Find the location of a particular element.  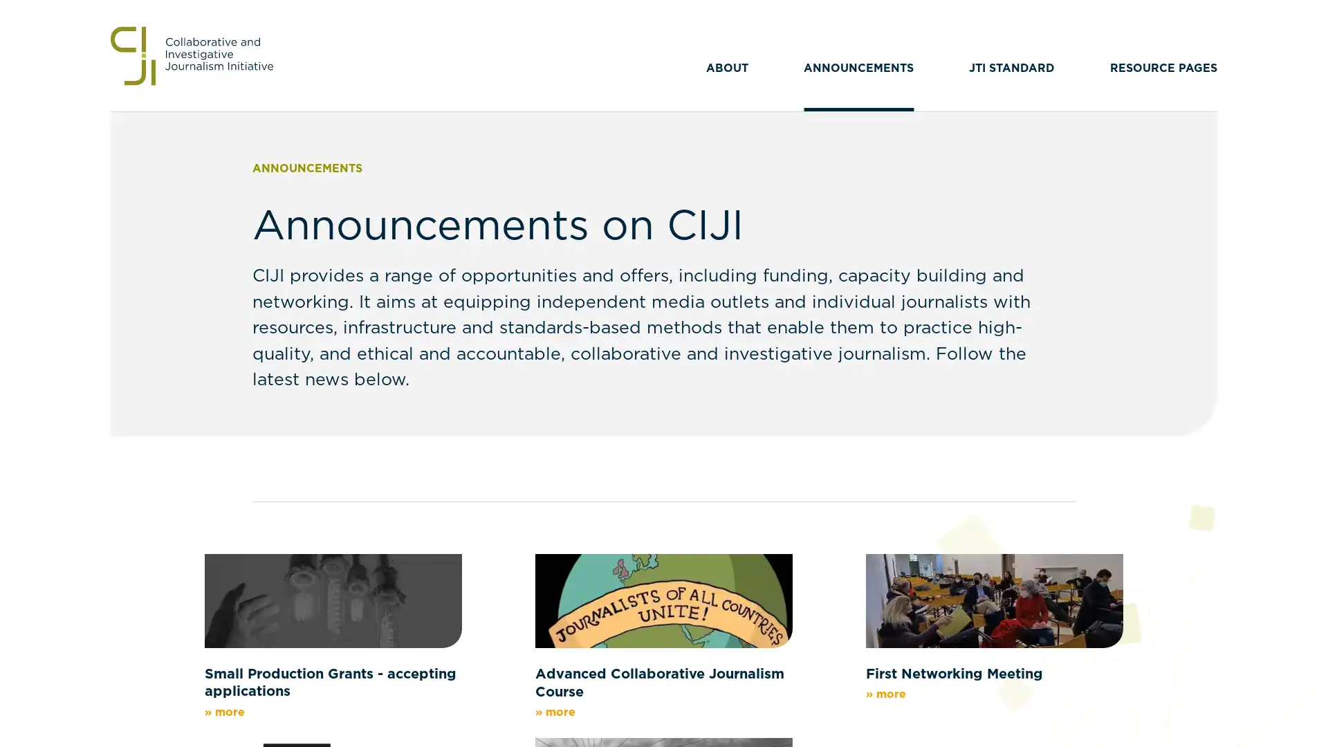

Deny is located at coordinates (663, 469).